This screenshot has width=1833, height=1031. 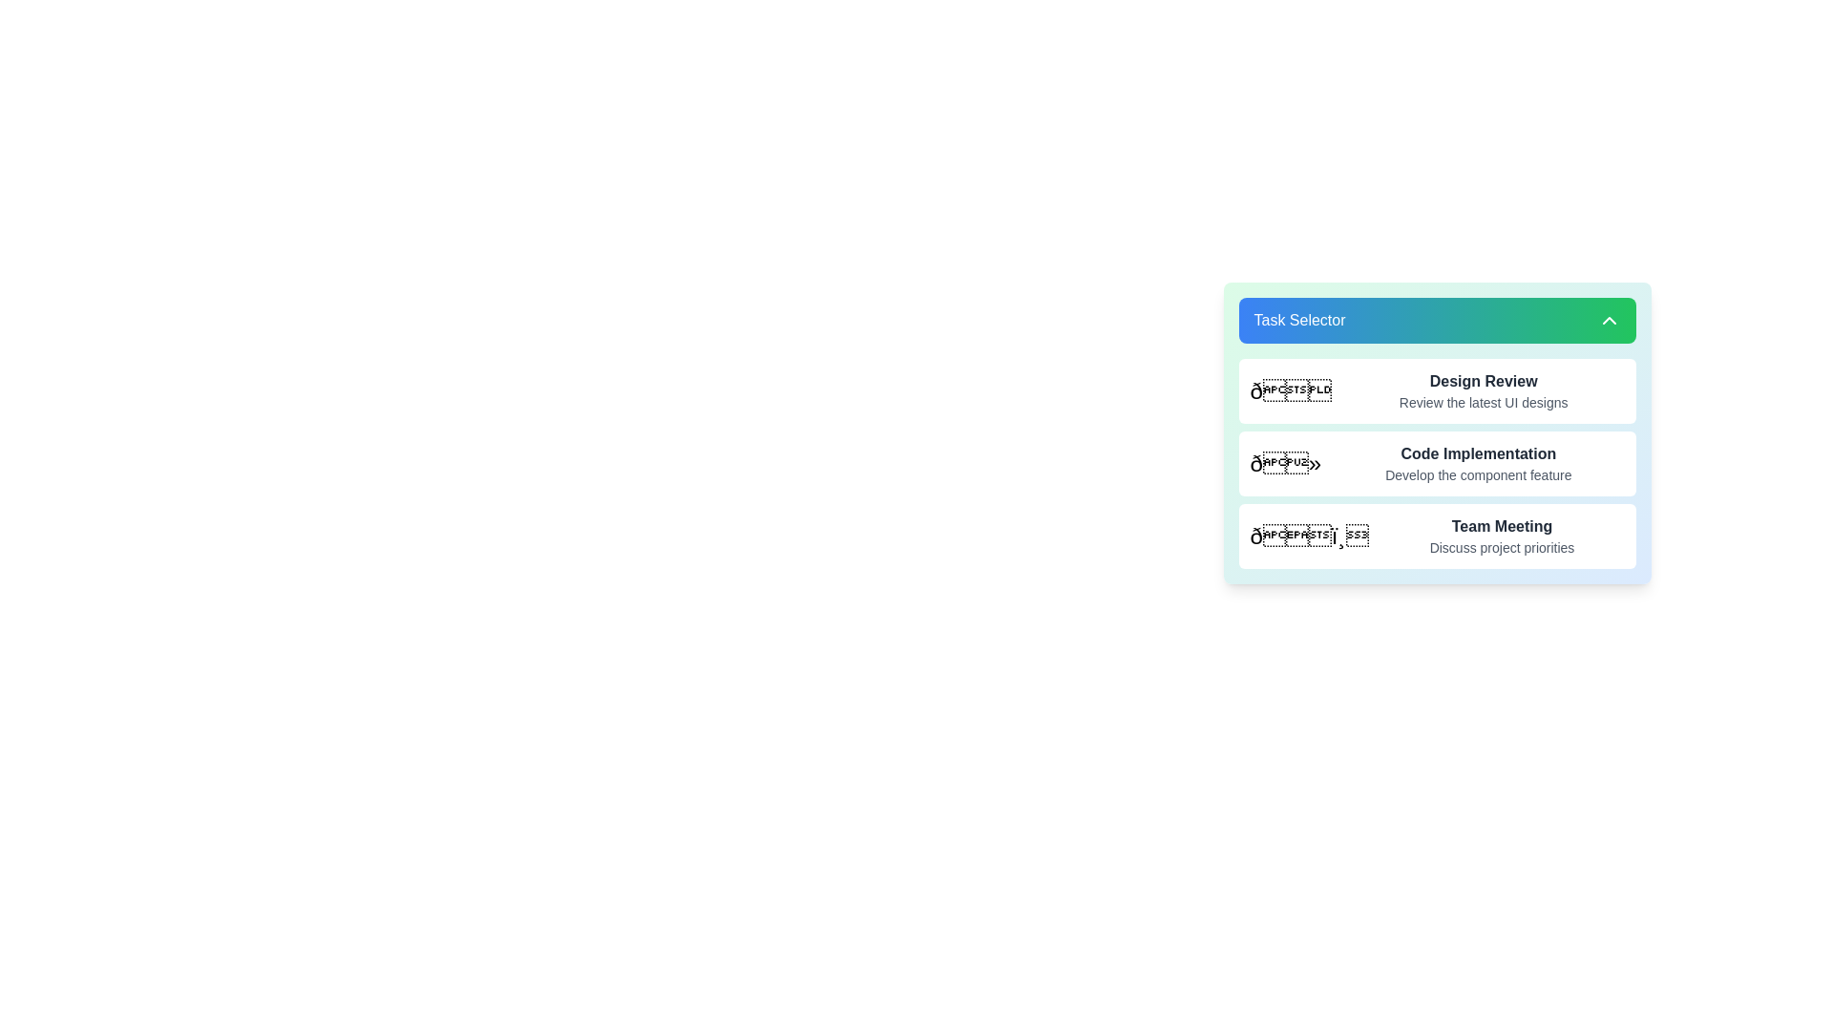 I want to click on the third task option in the vertical list, labeled 'Team Meeting', so click(x=1437, y=537).